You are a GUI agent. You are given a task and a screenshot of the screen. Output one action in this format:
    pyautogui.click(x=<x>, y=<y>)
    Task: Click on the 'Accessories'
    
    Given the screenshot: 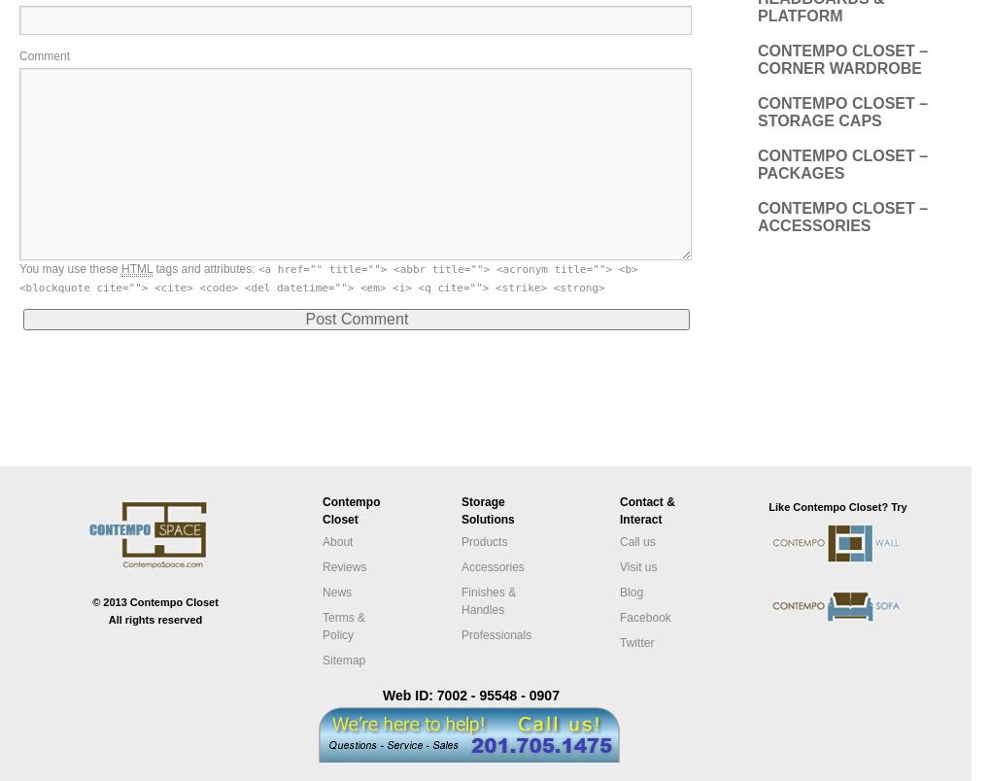 What is the action you would take?
    pyautogui.click(x=493, y=564)
    